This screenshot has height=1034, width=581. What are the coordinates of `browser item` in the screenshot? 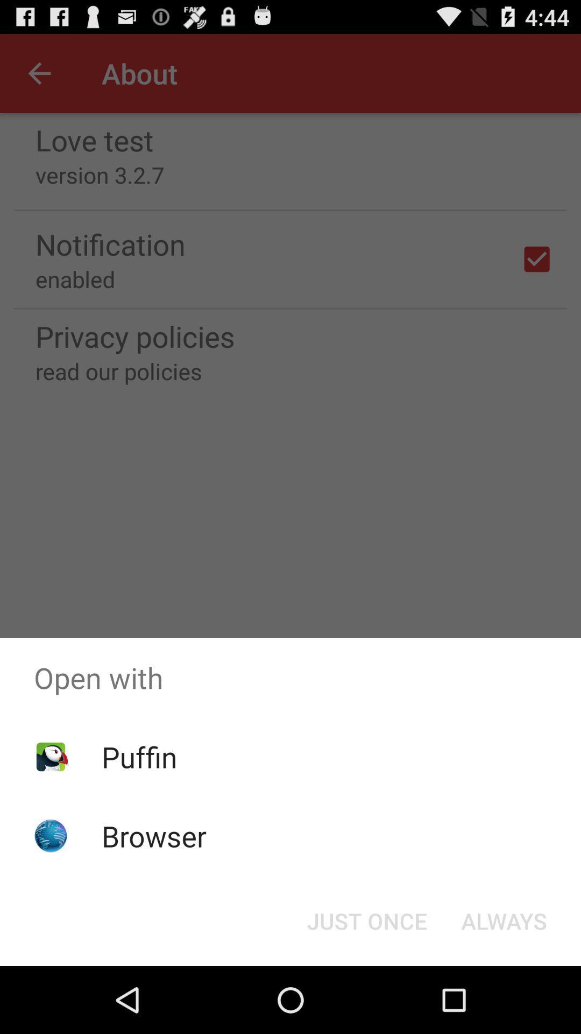 It's located at (154, 835).